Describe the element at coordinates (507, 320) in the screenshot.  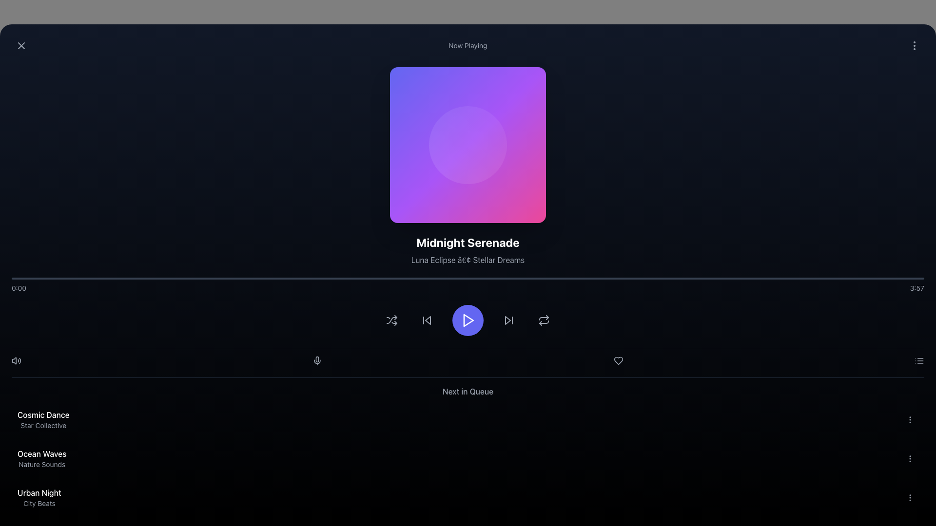
I see `the triangular icon within the button component` at that location.